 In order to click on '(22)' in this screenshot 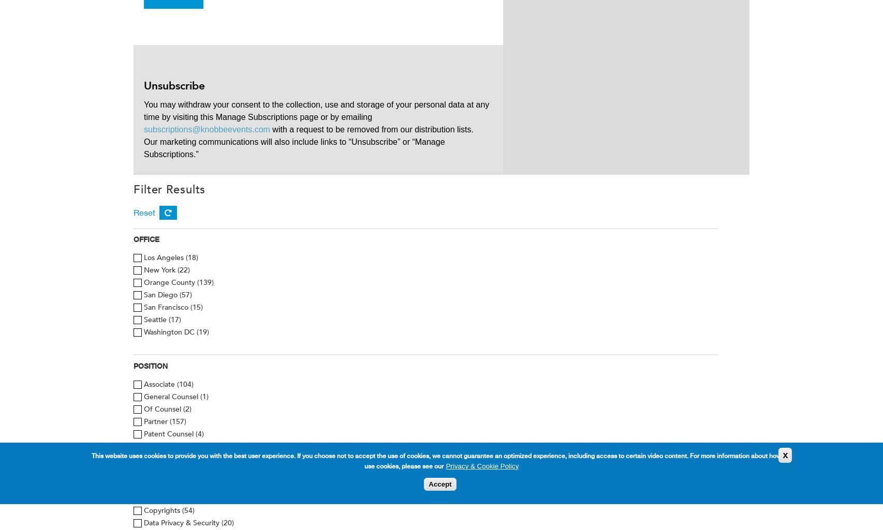, I will do `click(184, 269)`.